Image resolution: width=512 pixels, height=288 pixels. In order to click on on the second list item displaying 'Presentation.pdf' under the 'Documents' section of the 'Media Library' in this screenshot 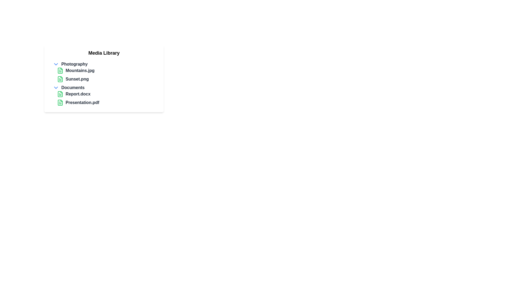, I will do `click(106, 98)`.